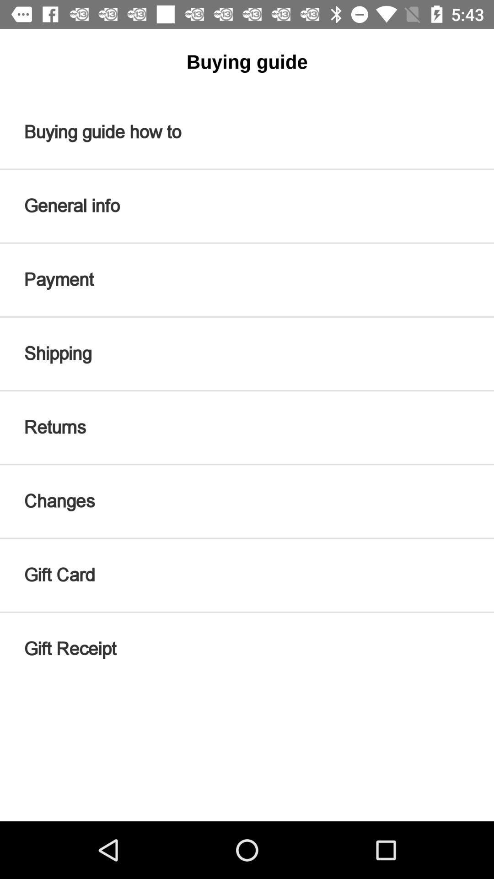 The width and height of the screenshot is (494, 879). What do you see at coordinates (247, 575) in the screenshot?
I see `the item above gift receipt icon` at bounding box center [247, 575].